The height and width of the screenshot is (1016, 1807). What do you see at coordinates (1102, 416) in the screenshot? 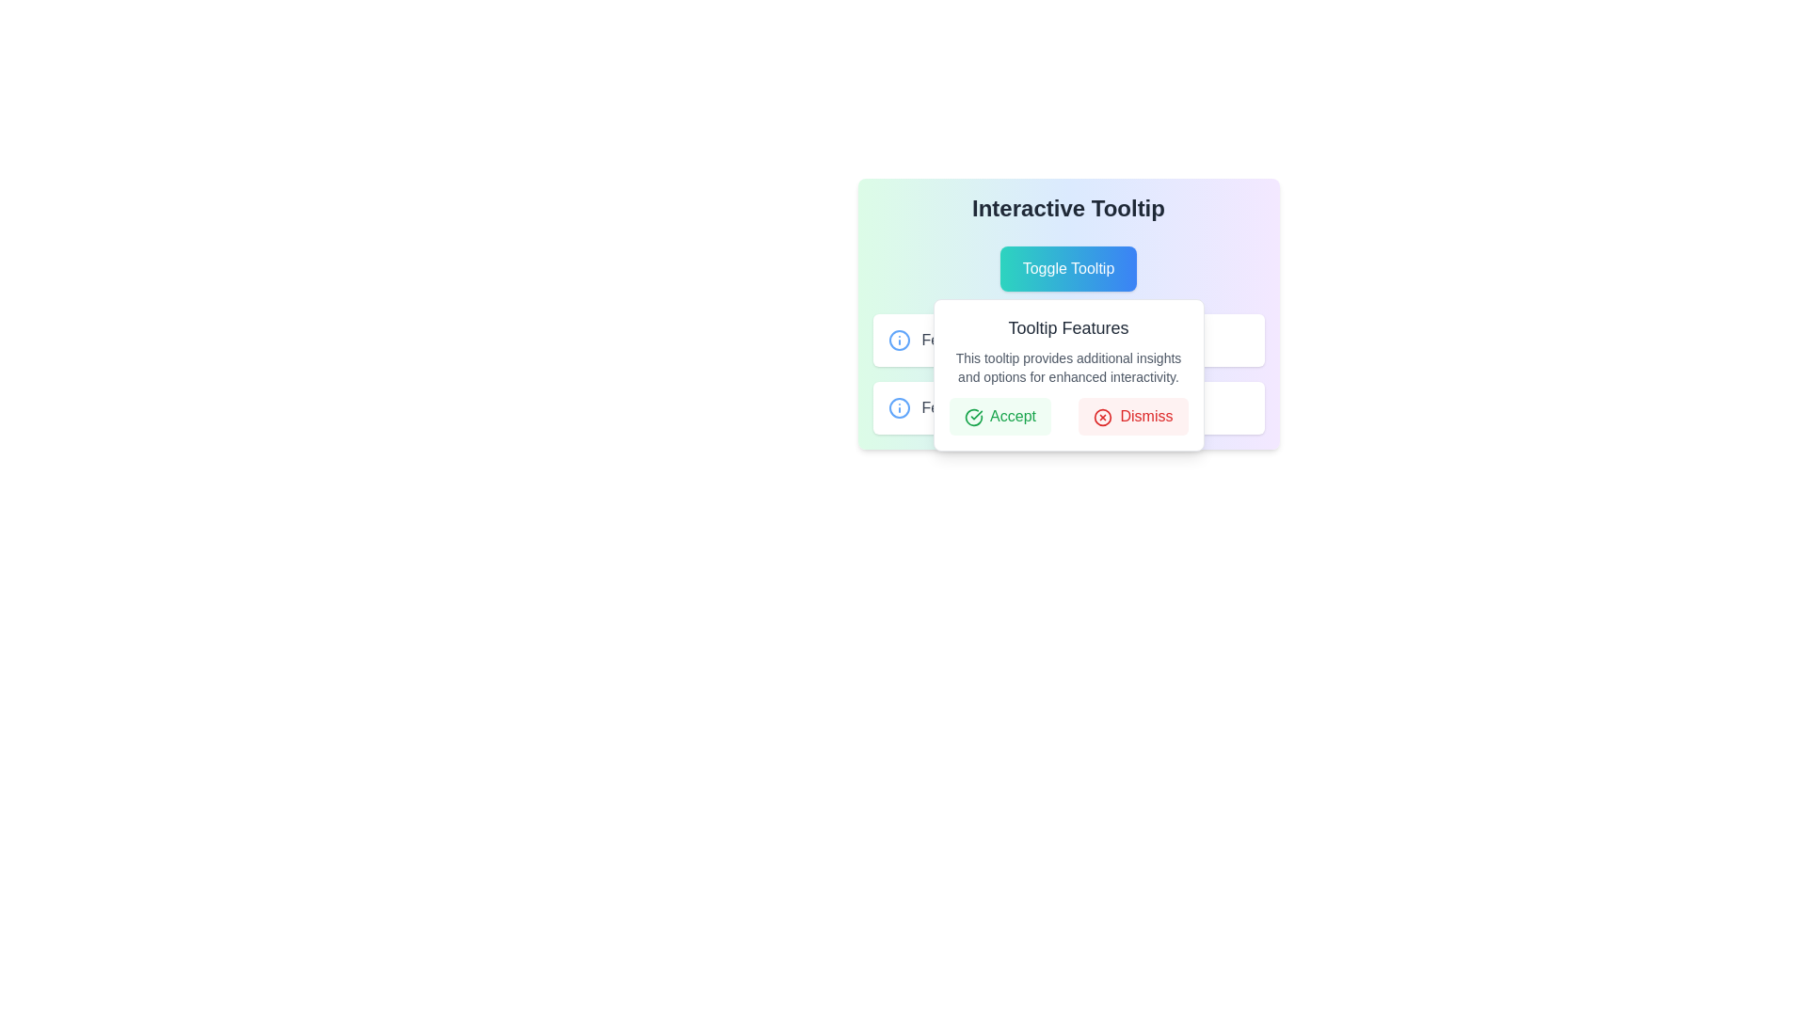
I see `the outlined circular graphical element with a cross mark inside it, located near the upper-right corner of the tooltip dialog` at bounding box center [1102, 416].